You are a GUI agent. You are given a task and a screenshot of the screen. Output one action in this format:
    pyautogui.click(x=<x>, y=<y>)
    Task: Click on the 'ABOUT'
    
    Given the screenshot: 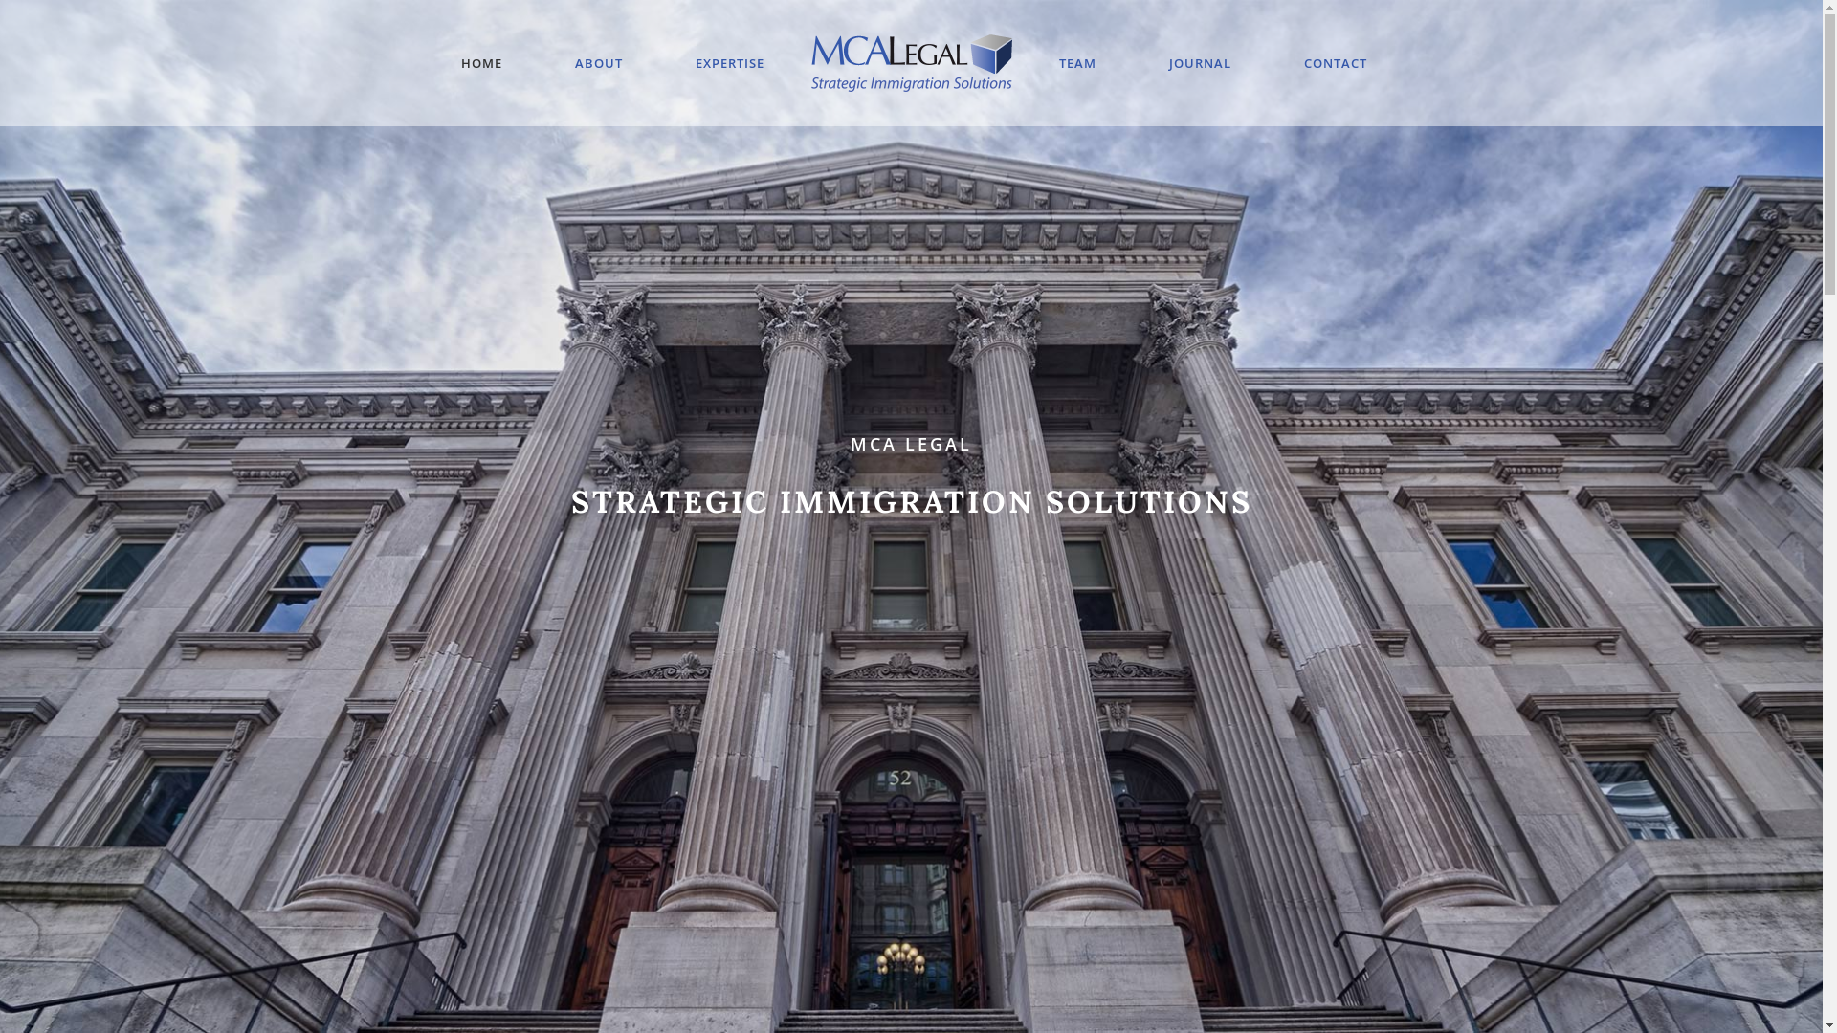 What is the action you would take?
    pyautogui.click(x=596, y=61)
    